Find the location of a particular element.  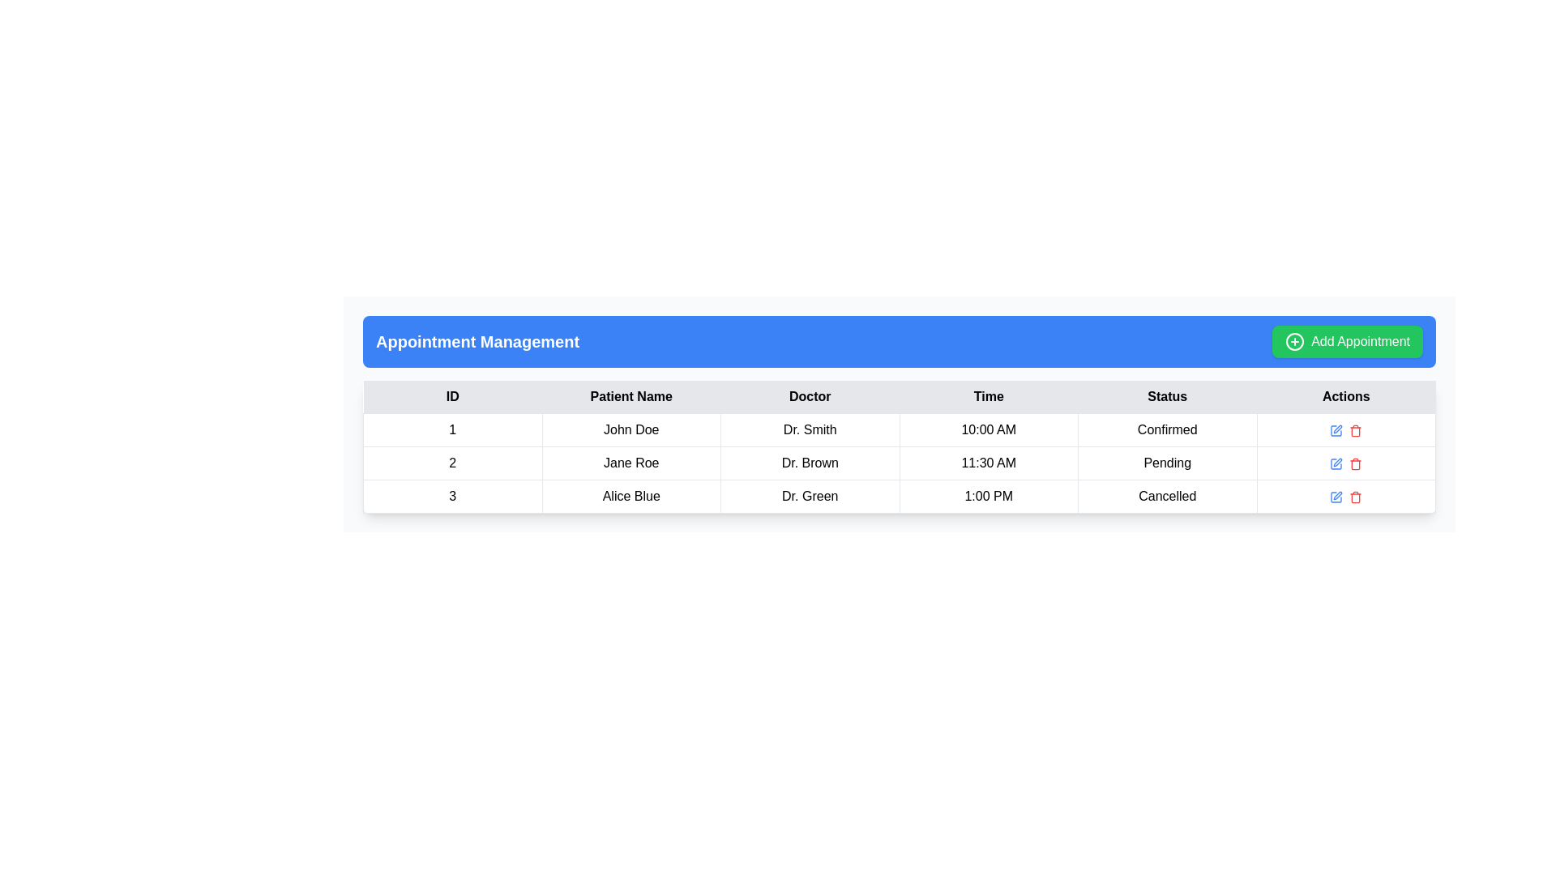

the second row in the table that contains the patient's name 'Jane Roe', doctor's name 'Dr. Brown', appointment time '11:30 AM', and status 'Pending' is located at coordinates (898, 463).